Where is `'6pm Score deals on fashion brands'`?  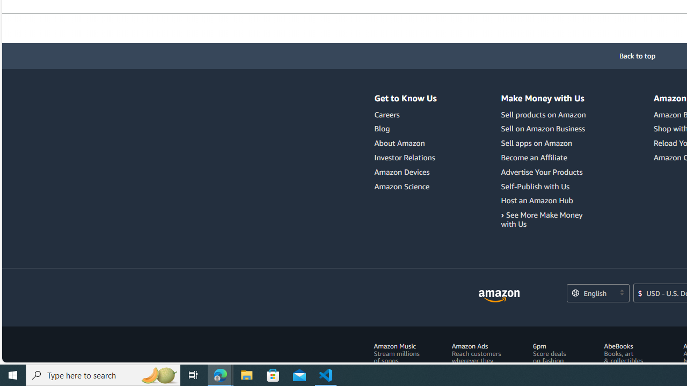
'6pm Score deals on fashion brands' is located at coordinates (555, 357).